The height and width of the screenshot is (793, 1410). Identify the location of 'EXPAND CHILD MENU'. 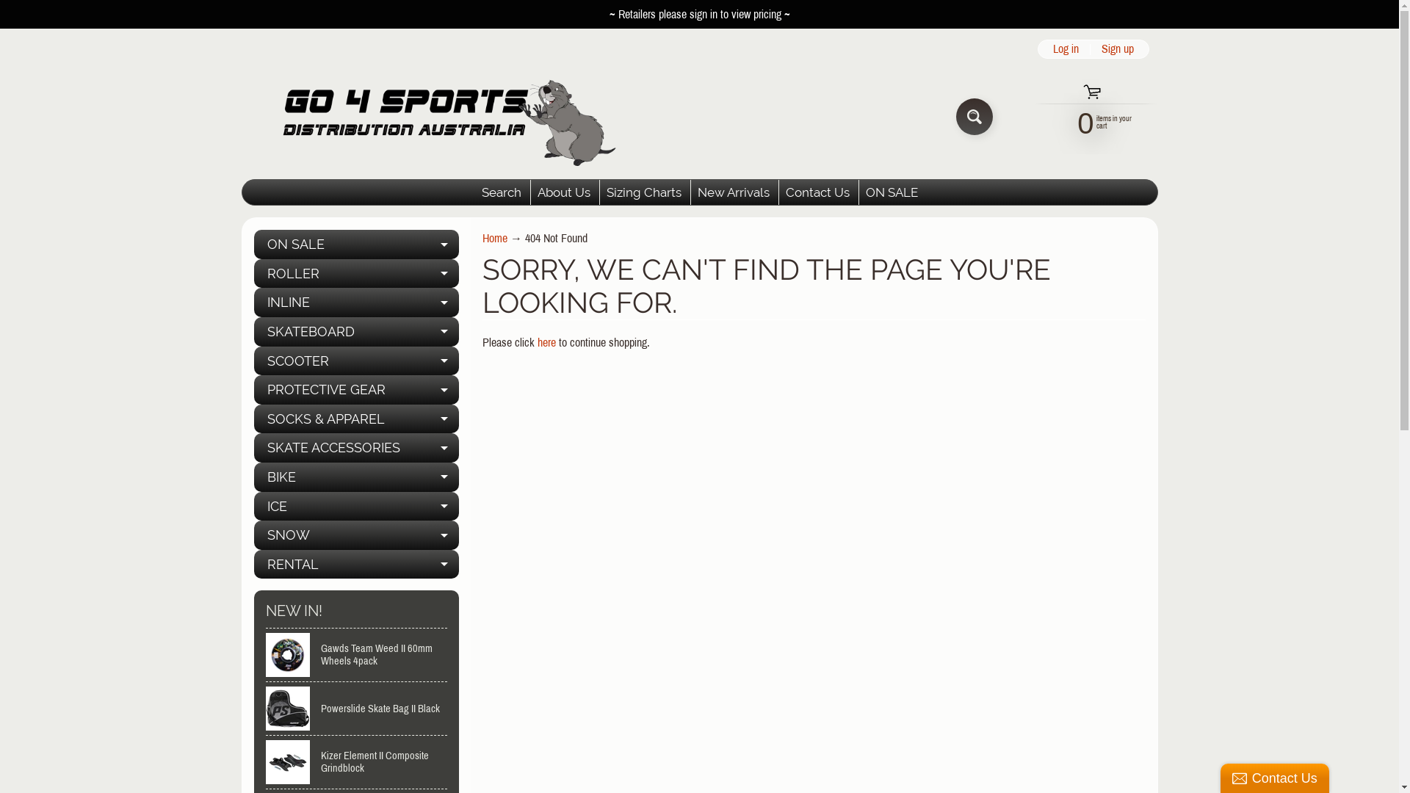
(443, 506).